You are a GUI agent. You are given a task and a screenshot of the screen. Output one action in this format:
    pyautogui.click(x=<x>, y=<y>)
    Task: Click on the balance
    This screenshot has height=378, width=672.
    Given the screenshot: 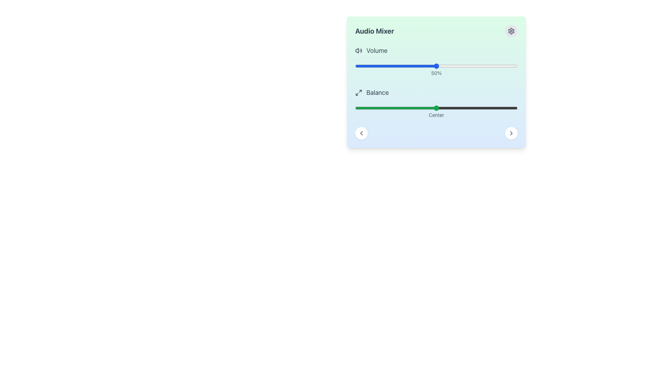 What is the action you would take?
    pyautogui.click(x=382, y=108)
    